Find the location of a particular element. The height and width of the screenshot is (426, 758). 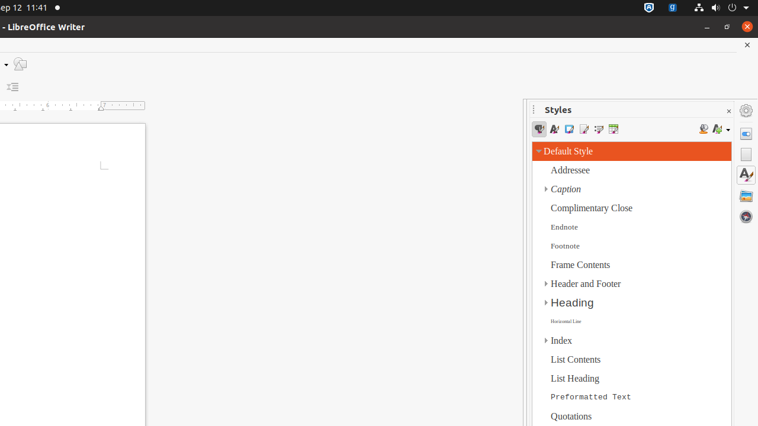

'System' is located at coordinates (721, 8).